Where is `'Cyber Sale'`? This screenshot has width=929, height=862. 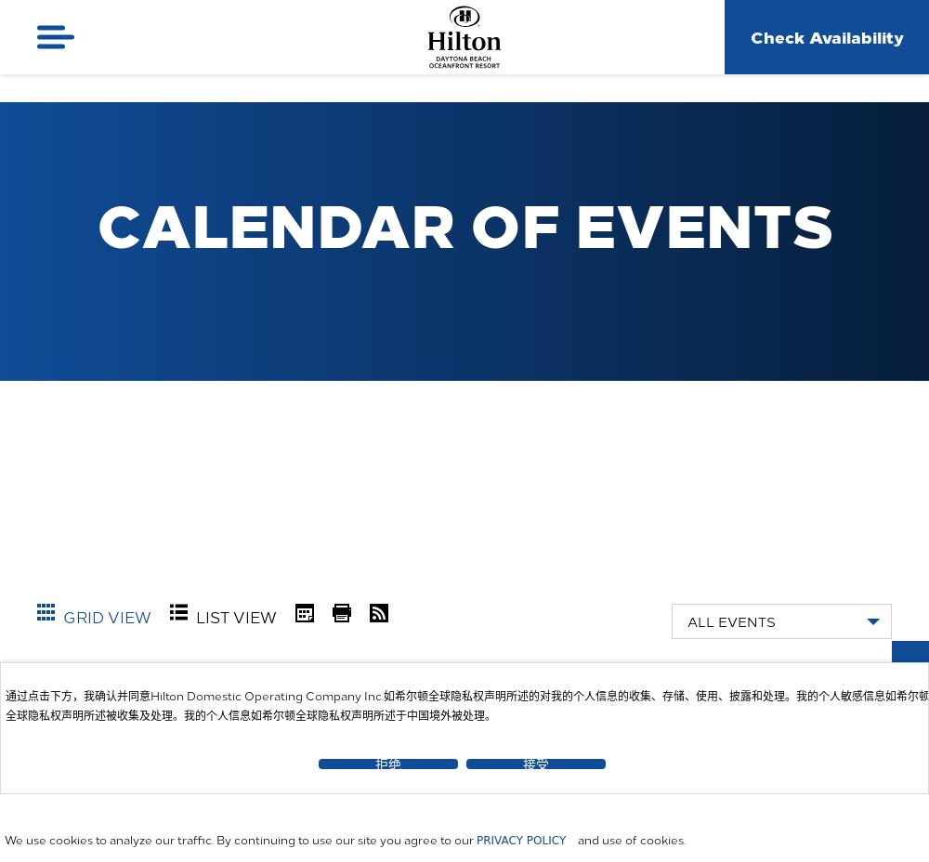 'Cyber Sale' is located at coordinates (831, 673).